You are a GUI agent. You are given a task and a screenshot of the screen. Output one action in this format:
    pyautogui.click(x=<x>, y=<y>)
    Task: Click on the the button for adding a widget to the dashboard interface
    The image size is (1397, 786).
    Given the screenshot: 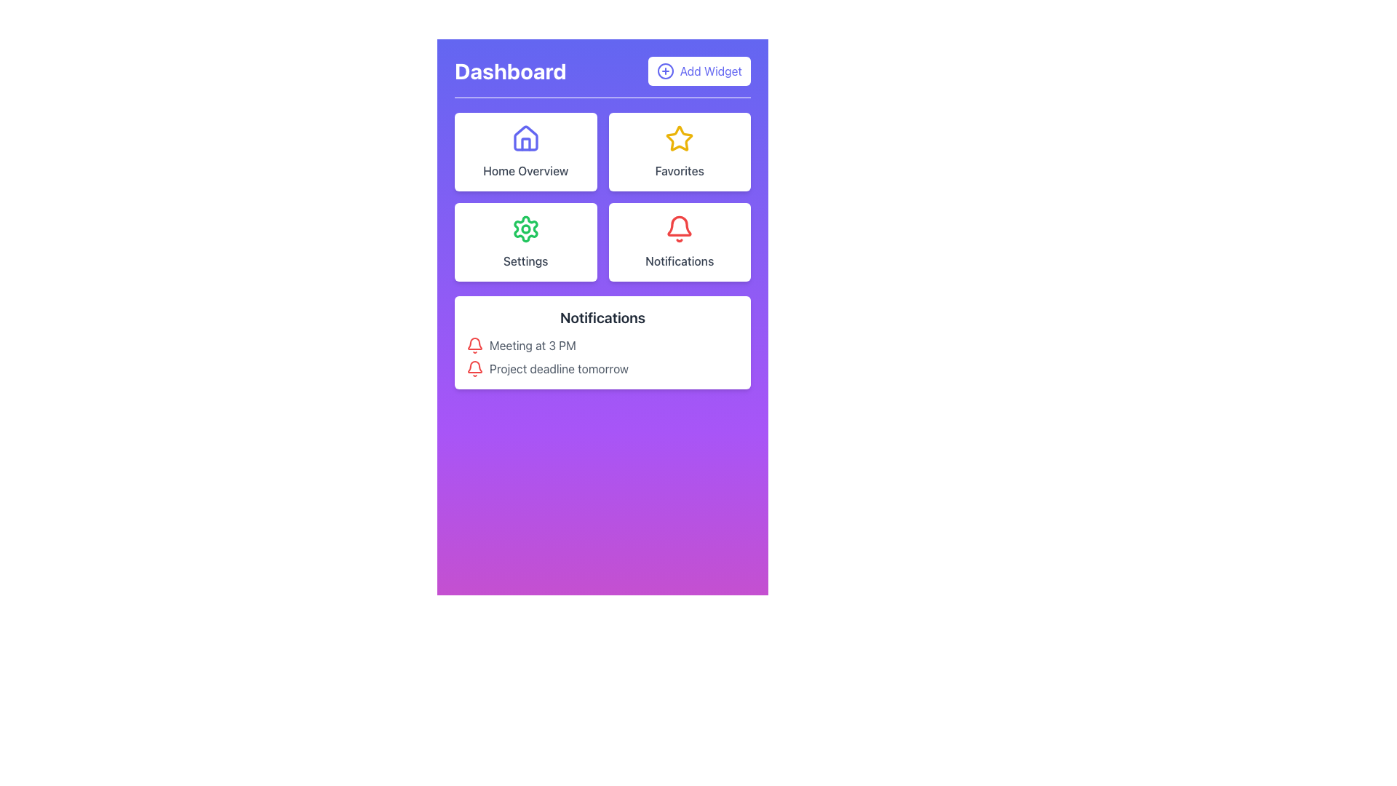 What is the action you would take?
    pyautogui.click(x=699, y=71)
    